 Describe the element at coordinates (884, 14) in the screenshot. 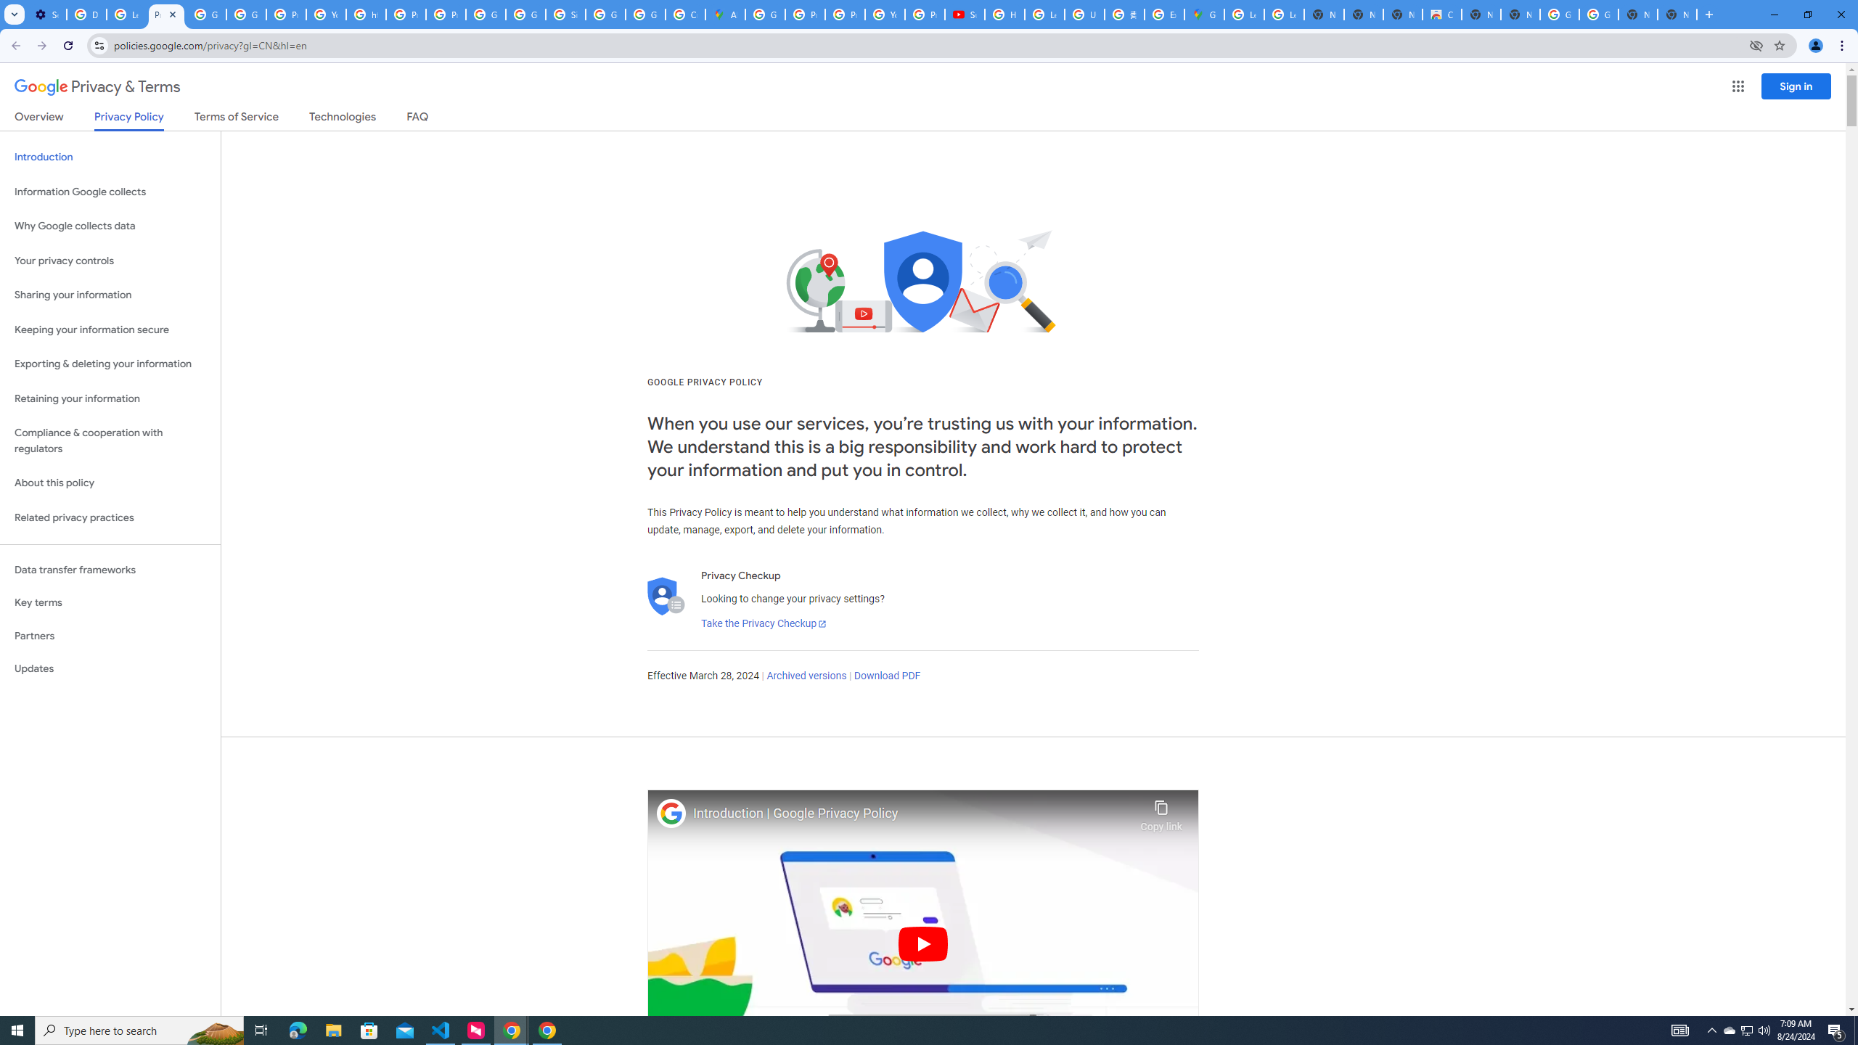

I see `'YouTube'` at that location.